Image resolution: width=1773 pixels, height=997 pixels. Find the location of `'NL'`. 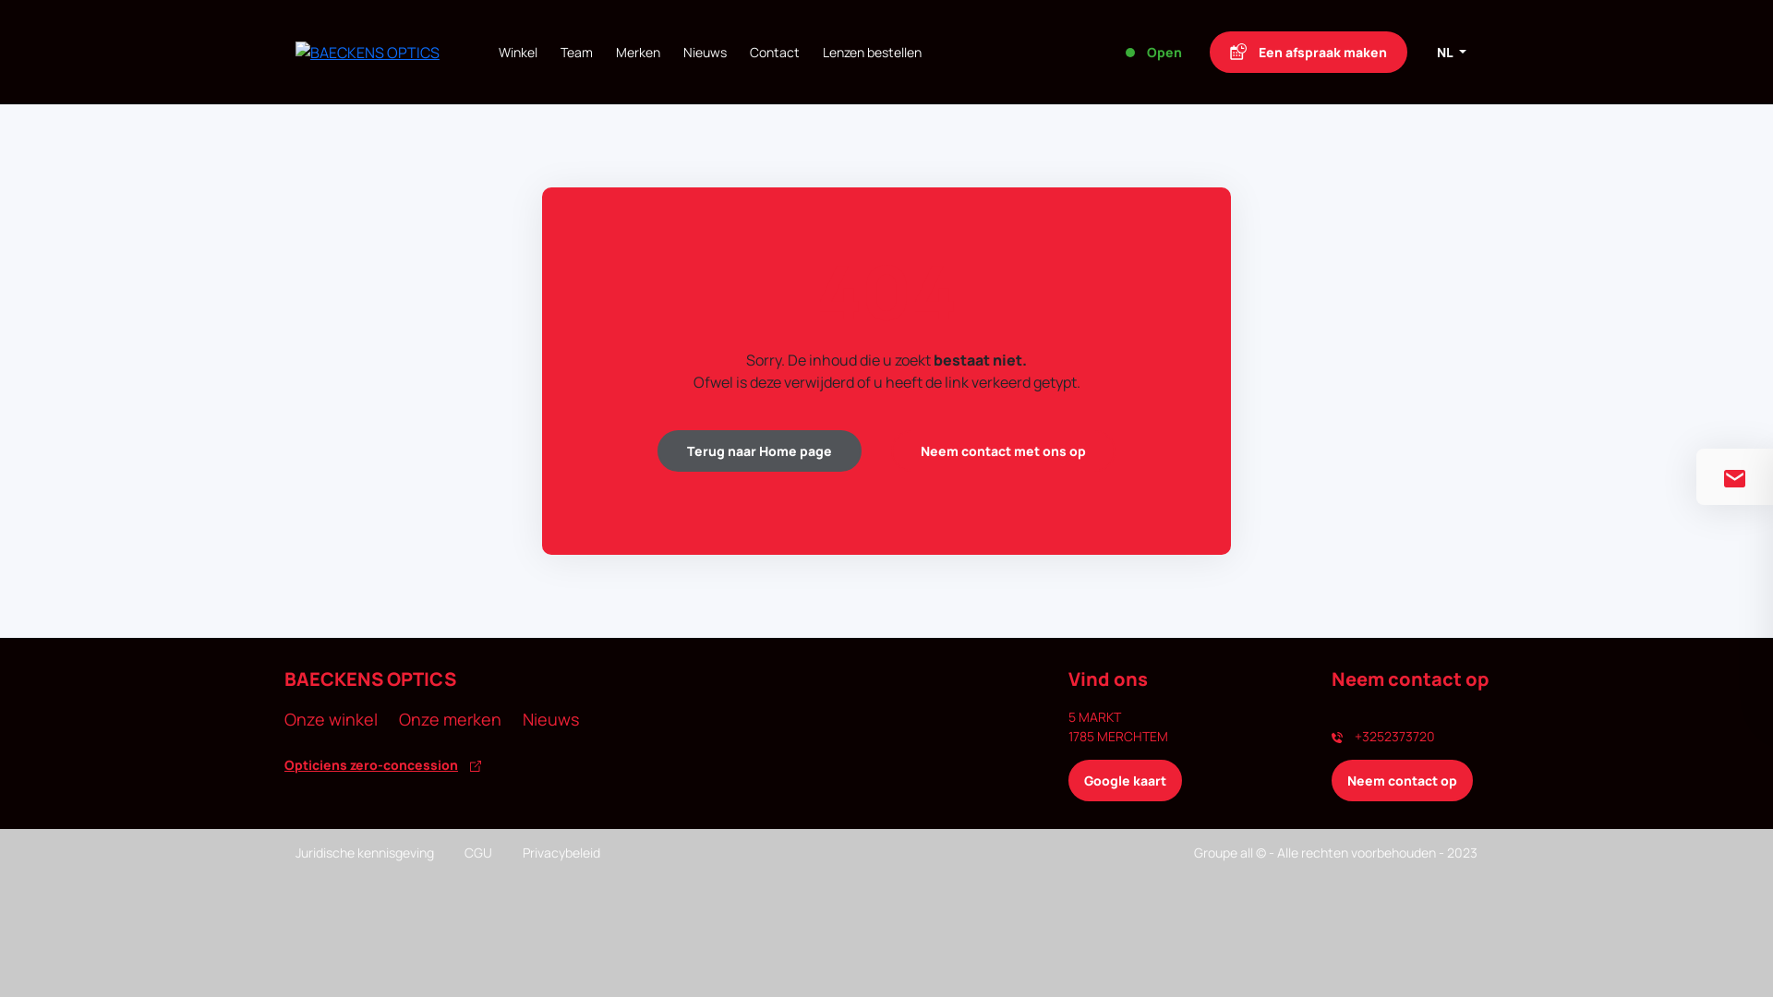

'NL' is located at coordinates (1425, 51).